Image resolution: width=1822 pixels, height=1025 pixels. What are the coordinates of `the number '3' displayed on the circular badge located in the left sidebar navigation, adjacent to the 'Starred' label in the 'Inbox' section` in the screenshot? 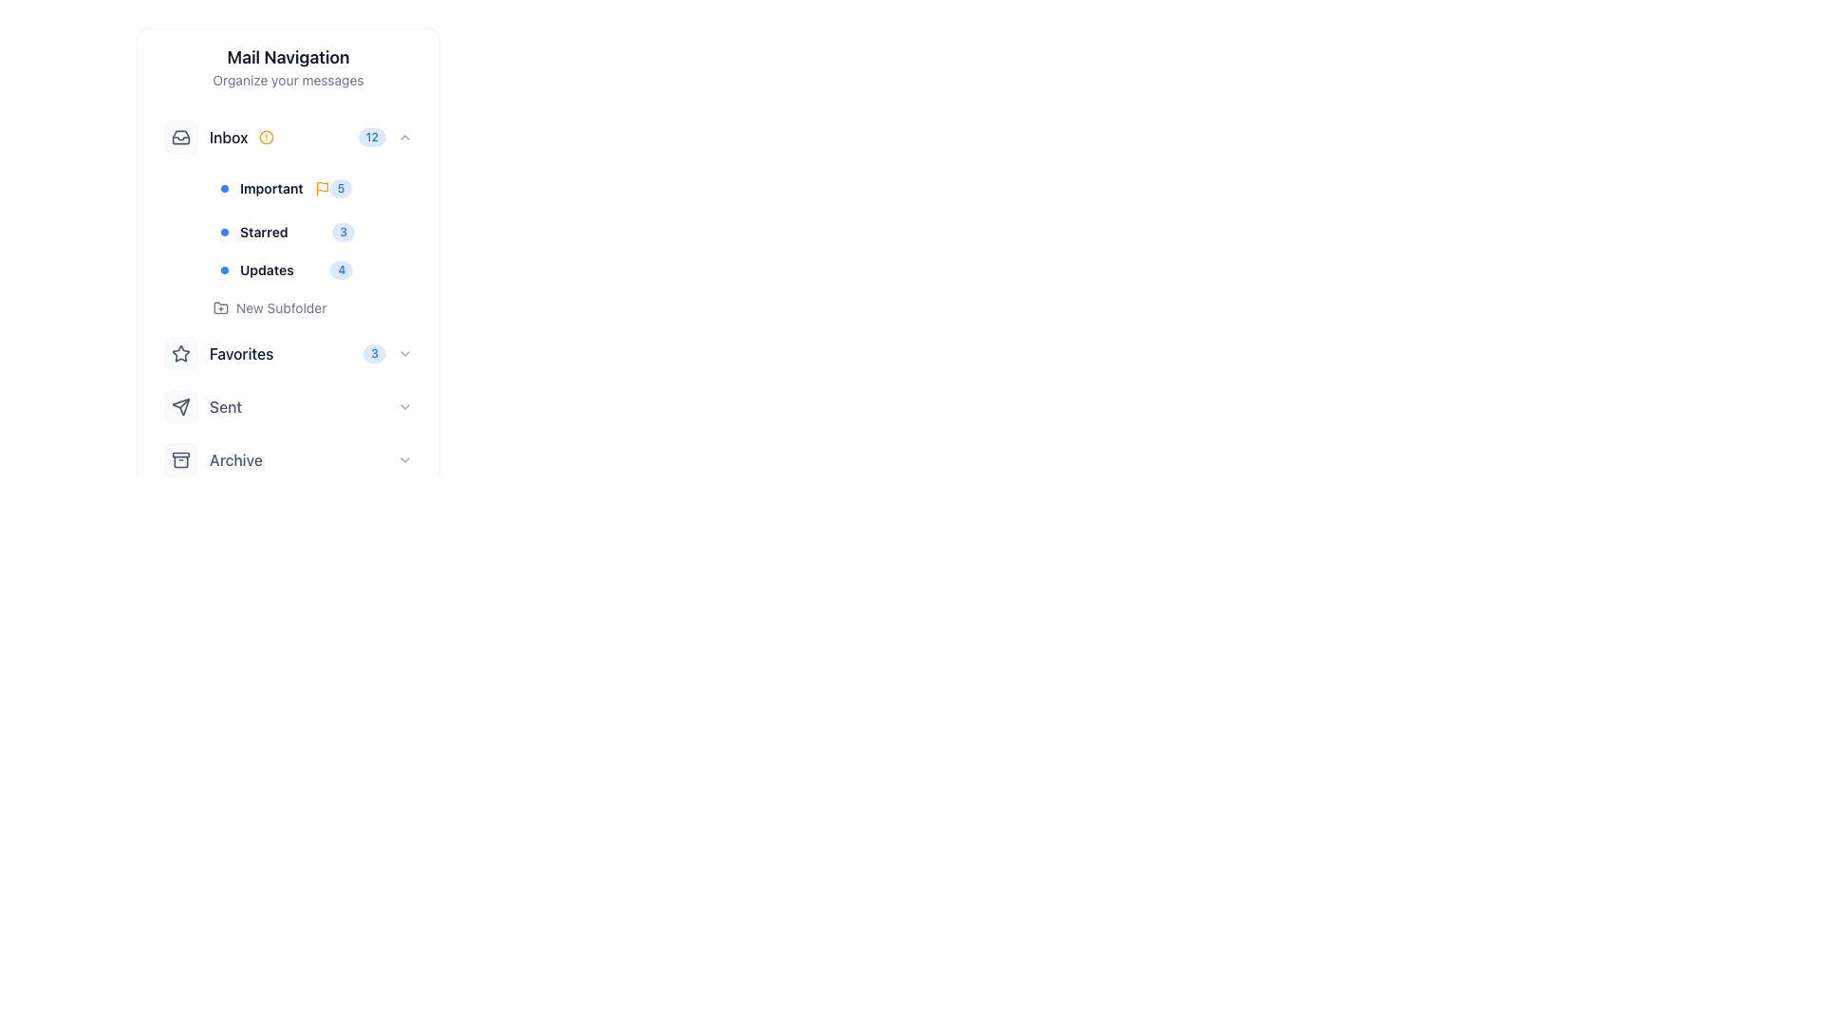 It's located at (344, 232).